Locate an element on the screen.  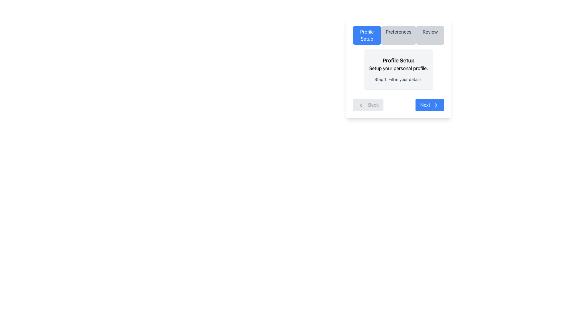
the back navigation button located at the bottom left corner of the context box is located at coordinates (368, 105).